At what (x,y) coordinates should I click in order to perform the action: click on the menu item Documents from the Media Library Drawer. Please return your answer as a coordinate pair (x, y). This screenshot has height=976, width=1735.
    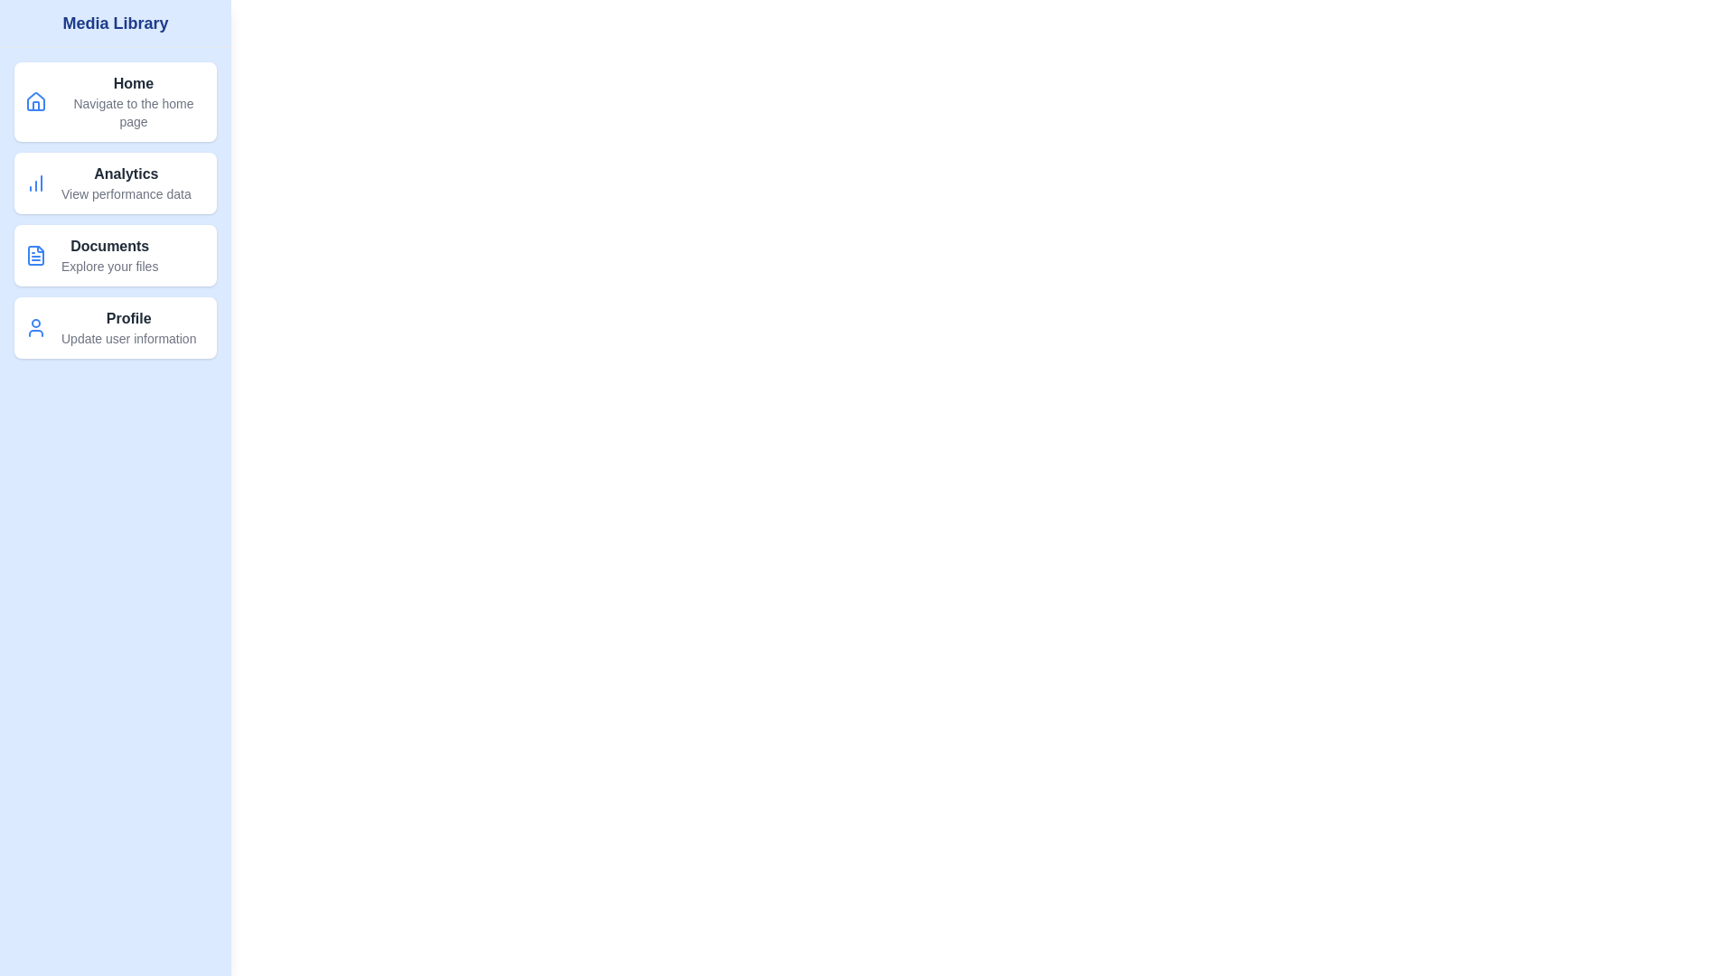
    Looking at the image, I should click on (115, 255).